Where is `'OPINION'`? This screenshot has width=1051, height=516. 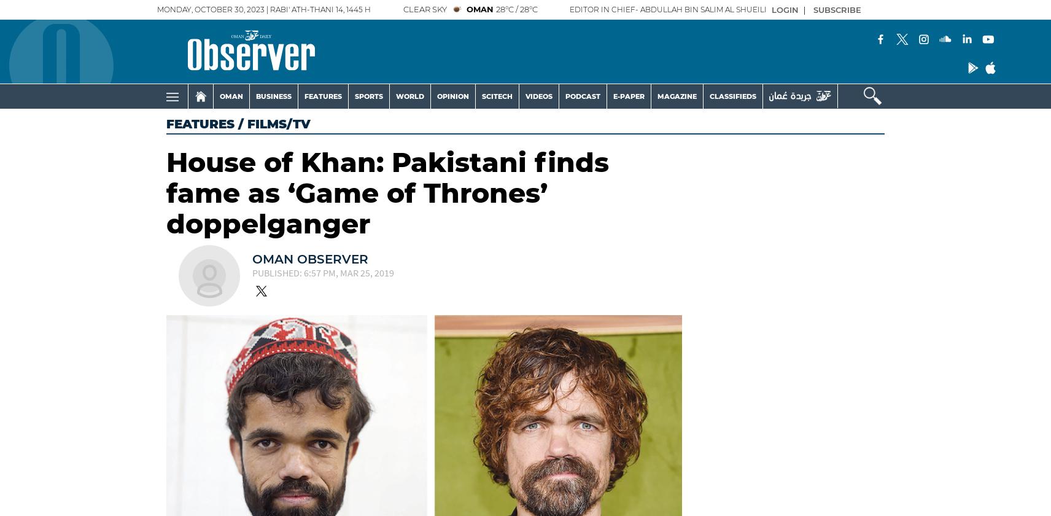 'OPINION' is located at coordinates (453, 96).